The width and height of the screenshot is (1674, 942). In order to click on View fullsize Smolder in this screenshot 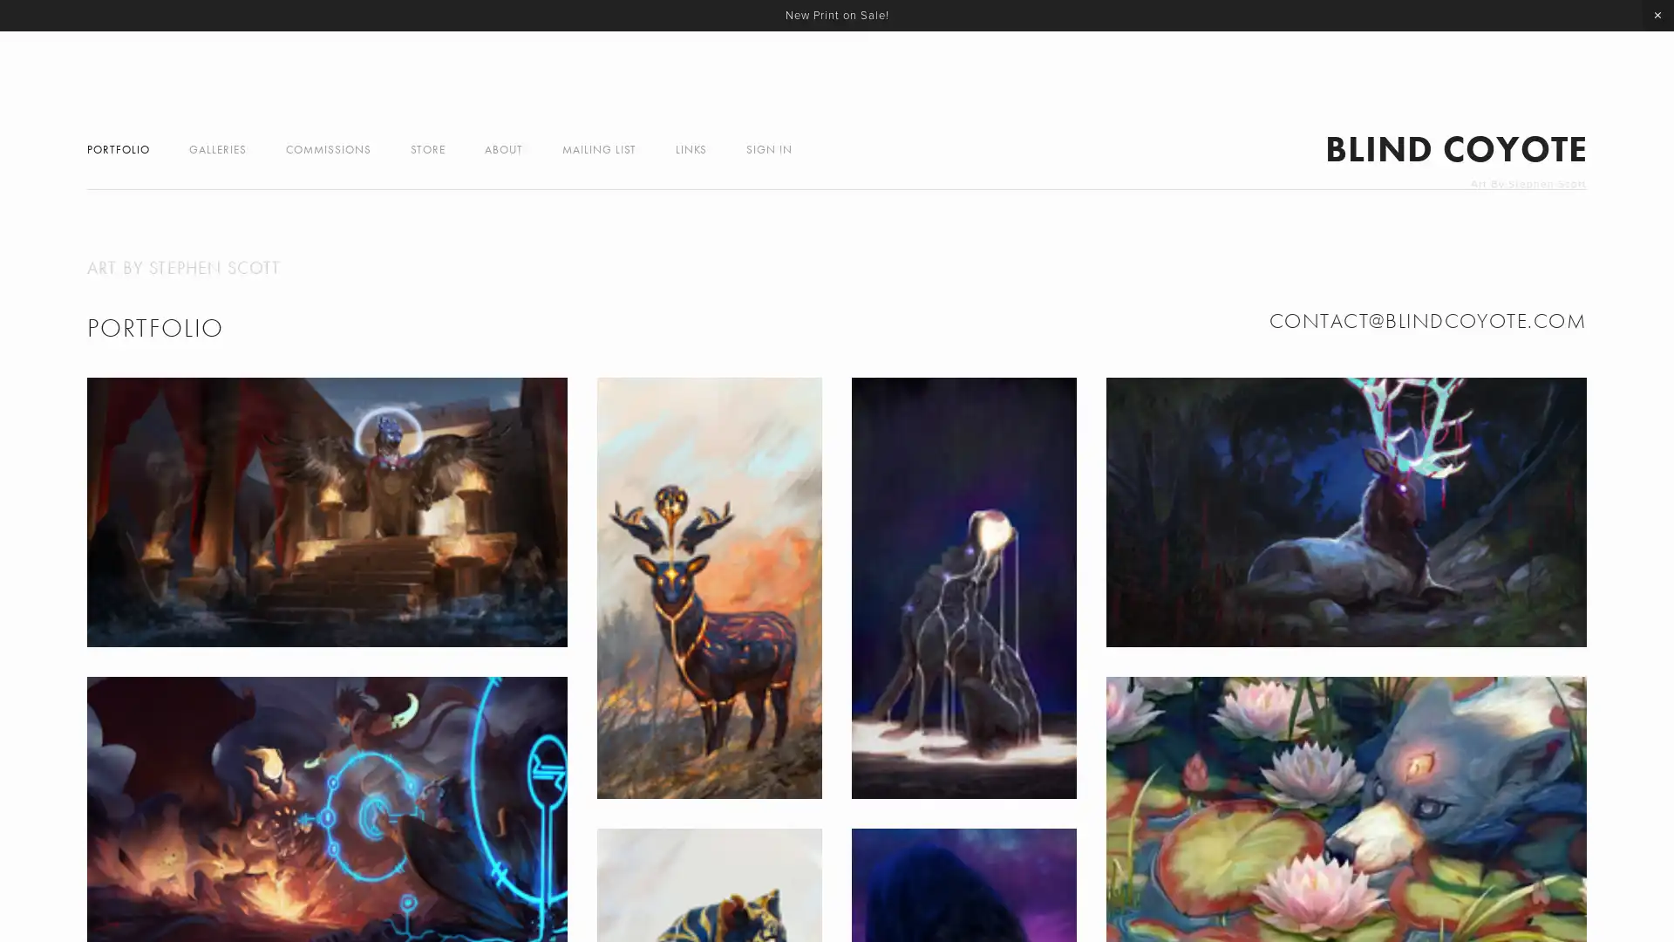, I will do `click(708, 588)`.